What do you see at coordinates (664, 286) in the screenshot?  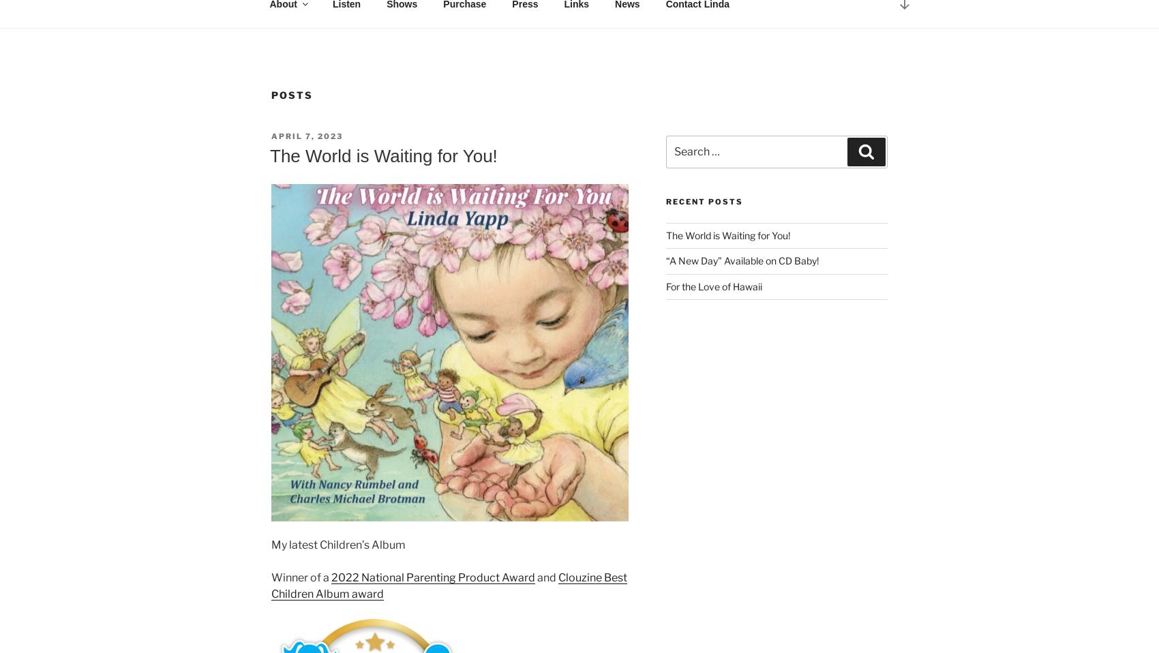 I see `'For the Love of Hawaii'` at bounding box center [664, 286].